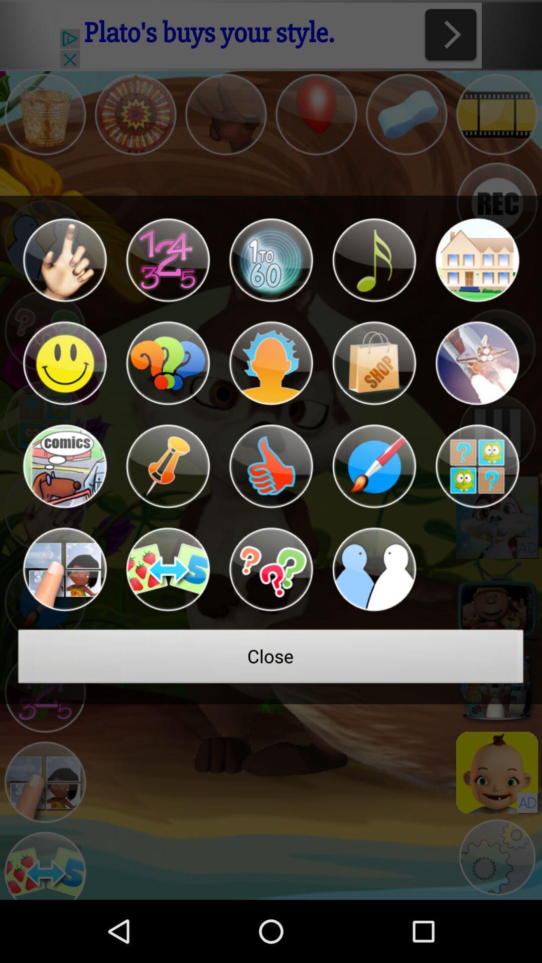 This screenshot has height=963, width=542. Describe the element at coordinates (477, 278) in the screenshot. I see `the home icon` at that location.